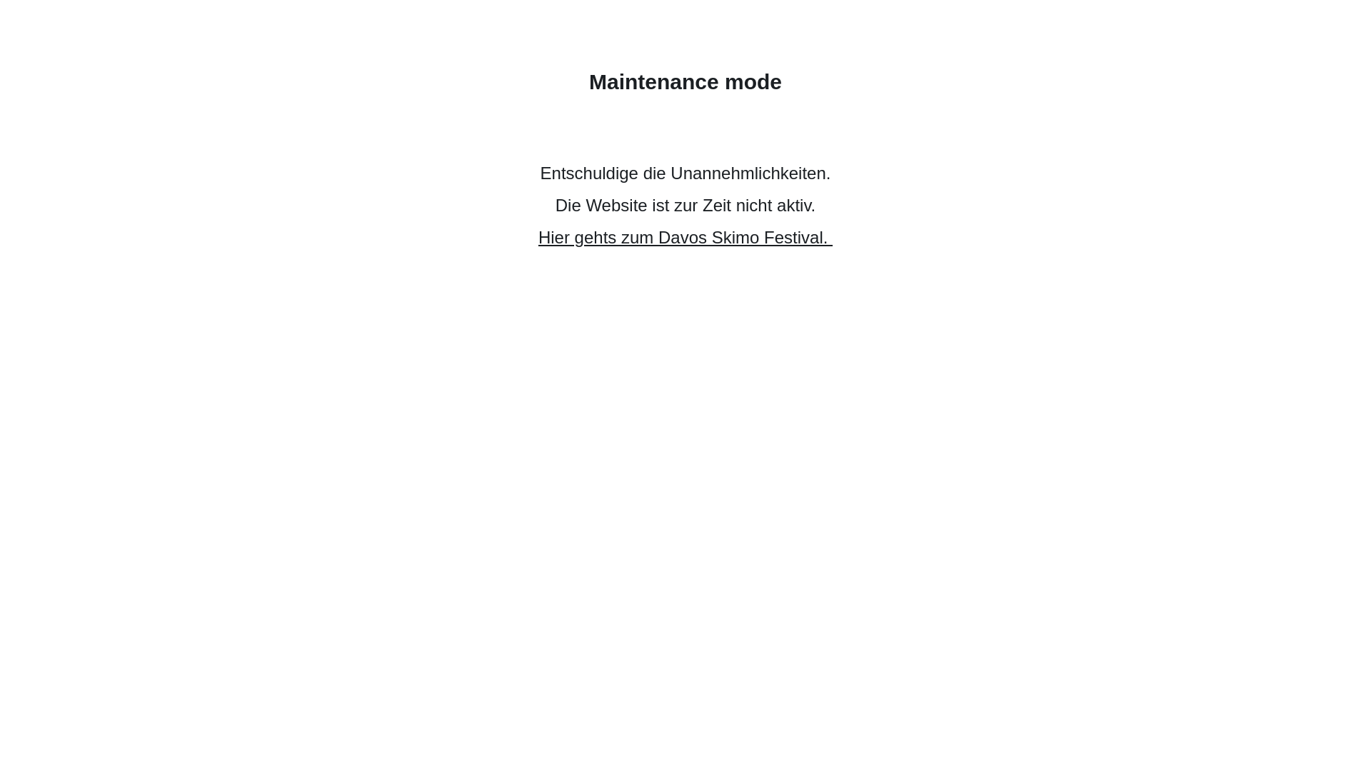 The image size is (1371, 771). I want to click on 'Hier gehts zum Davos Skimo Festival. ', so click(685, 236).